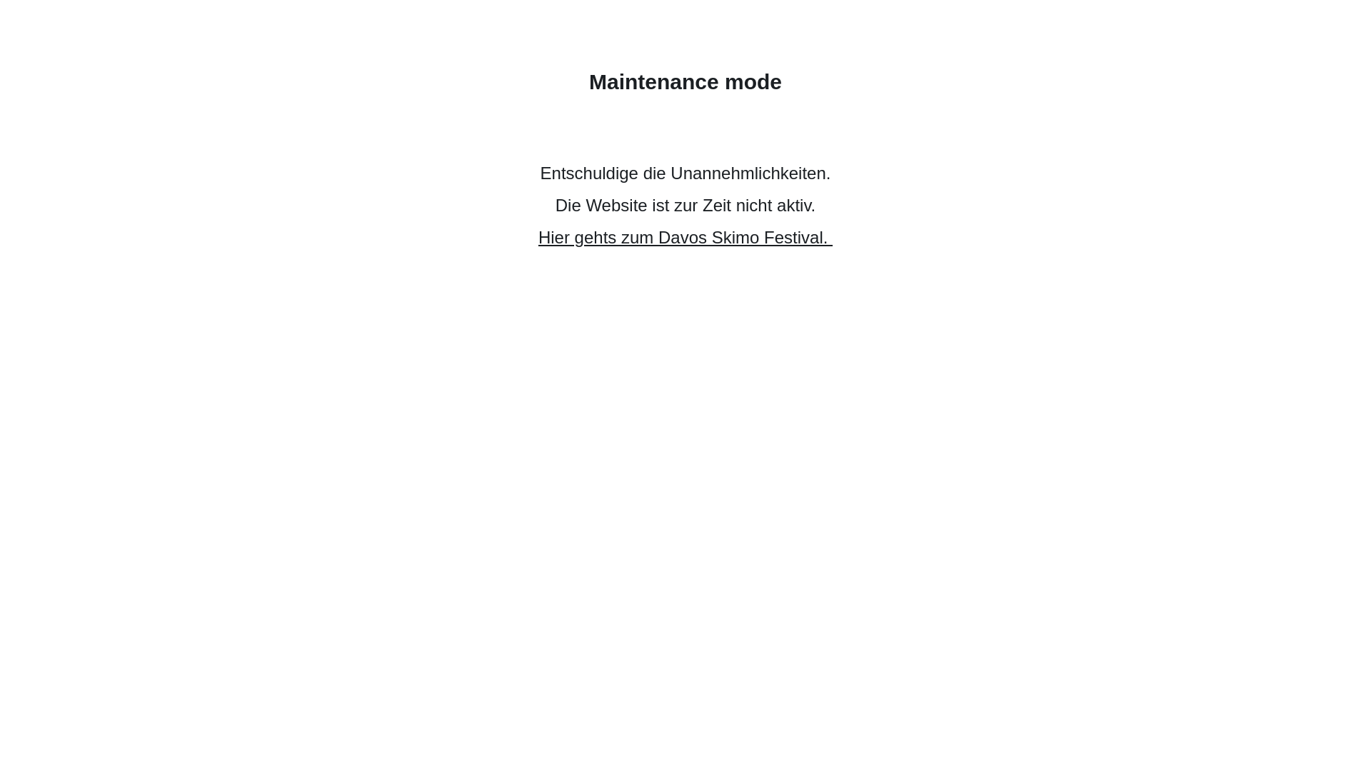 The image size is (1371, 771). I want to click on 'Hier gehts zum Davos Skimo Festival. ', so click(685, 236).